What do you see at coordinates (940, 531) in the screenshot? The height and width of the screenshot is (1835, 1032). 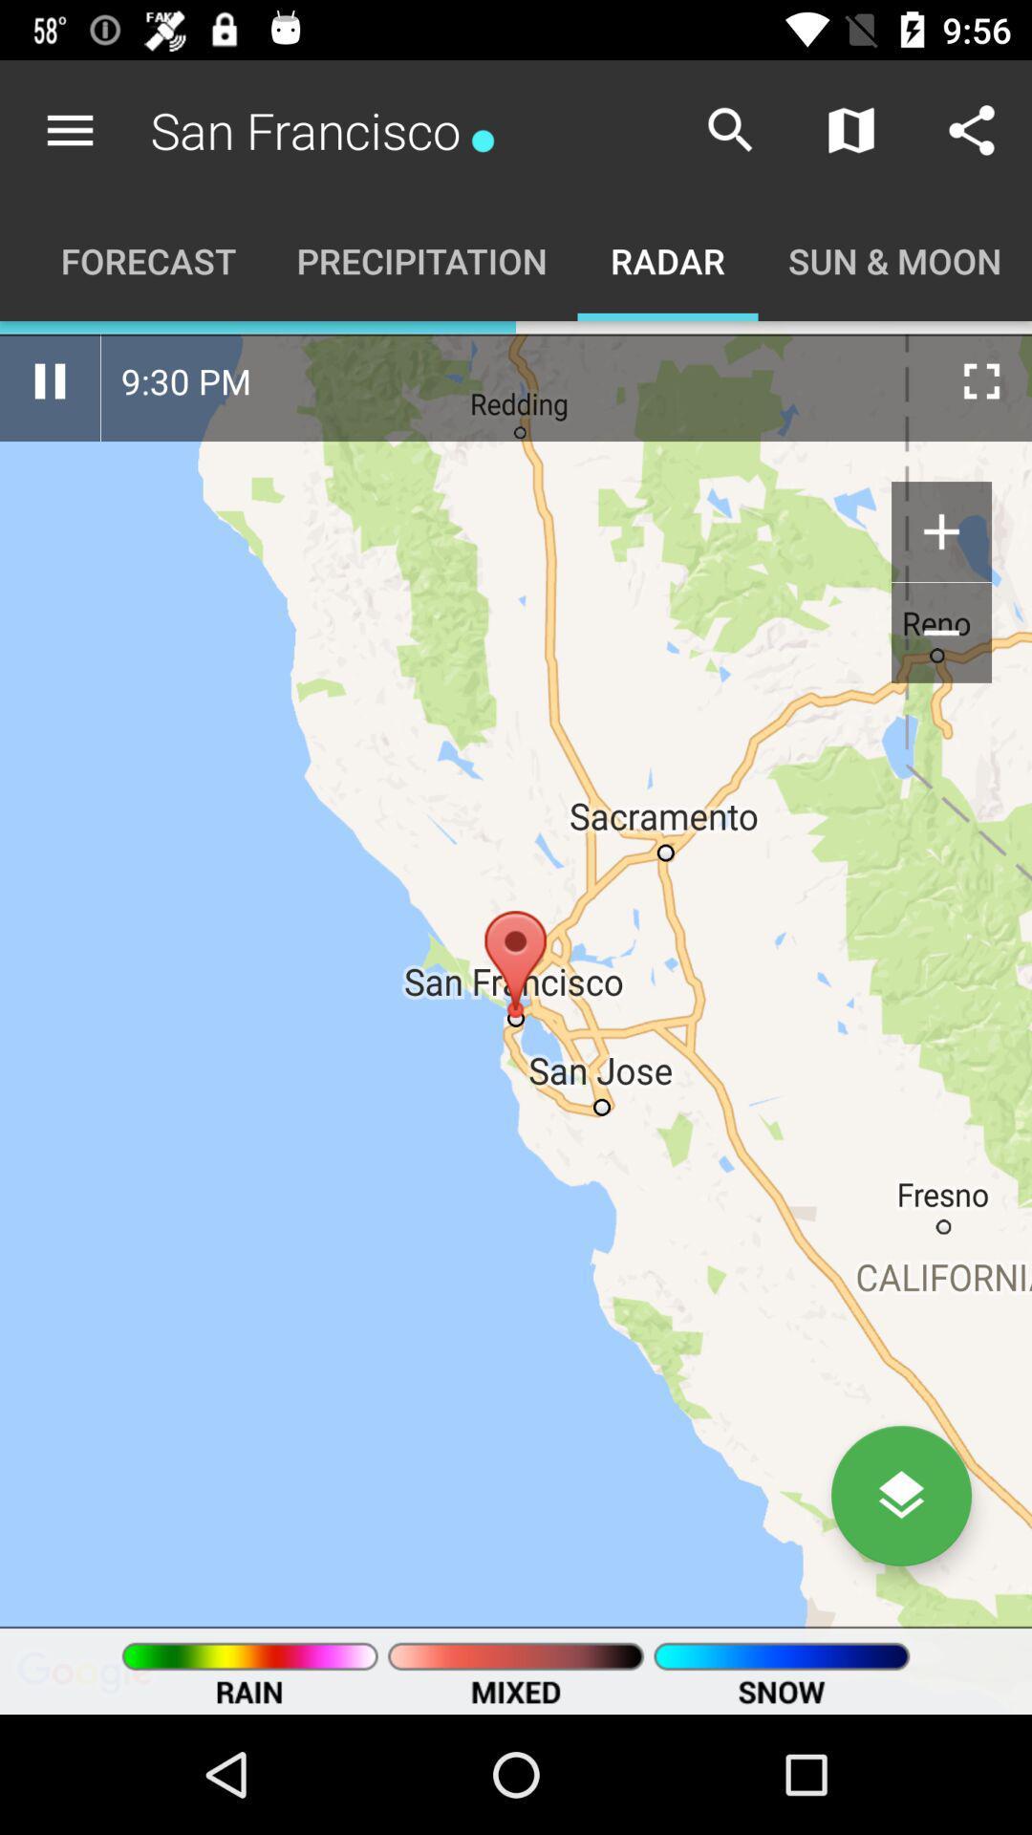 I see `the add icon` at bounding box center [940, 531].